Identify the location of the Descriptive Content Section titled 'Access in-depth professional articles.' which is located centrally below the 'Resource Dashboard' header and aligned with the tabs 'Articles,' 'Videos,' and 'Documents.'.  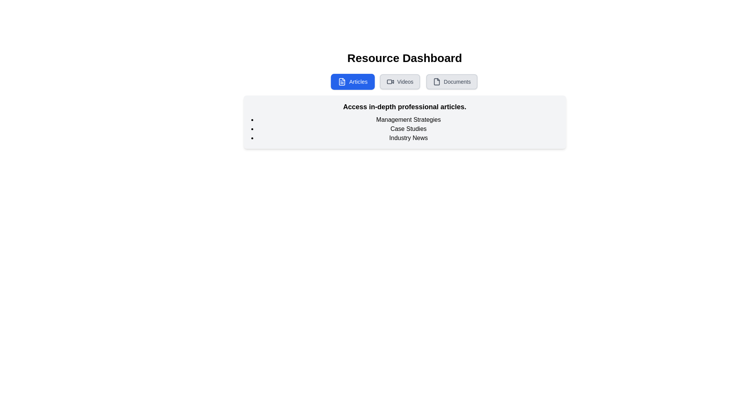
(404, 112).